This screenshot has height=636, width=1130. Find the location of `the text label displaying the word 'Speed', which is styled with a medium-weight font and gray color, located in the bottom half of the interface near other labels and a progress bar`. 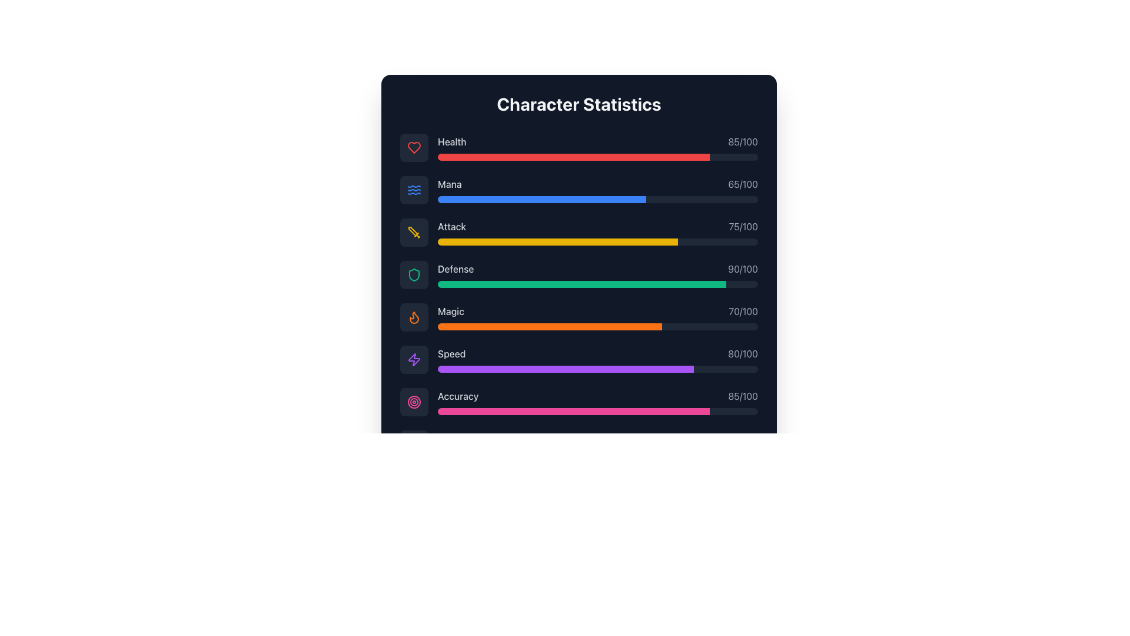

the text label displaying the word 'Speed', which is styled with a medium-weight font and gray color, located in the bottom half of the interface near other labels and a progress bar is located at coordinates (451, 353).